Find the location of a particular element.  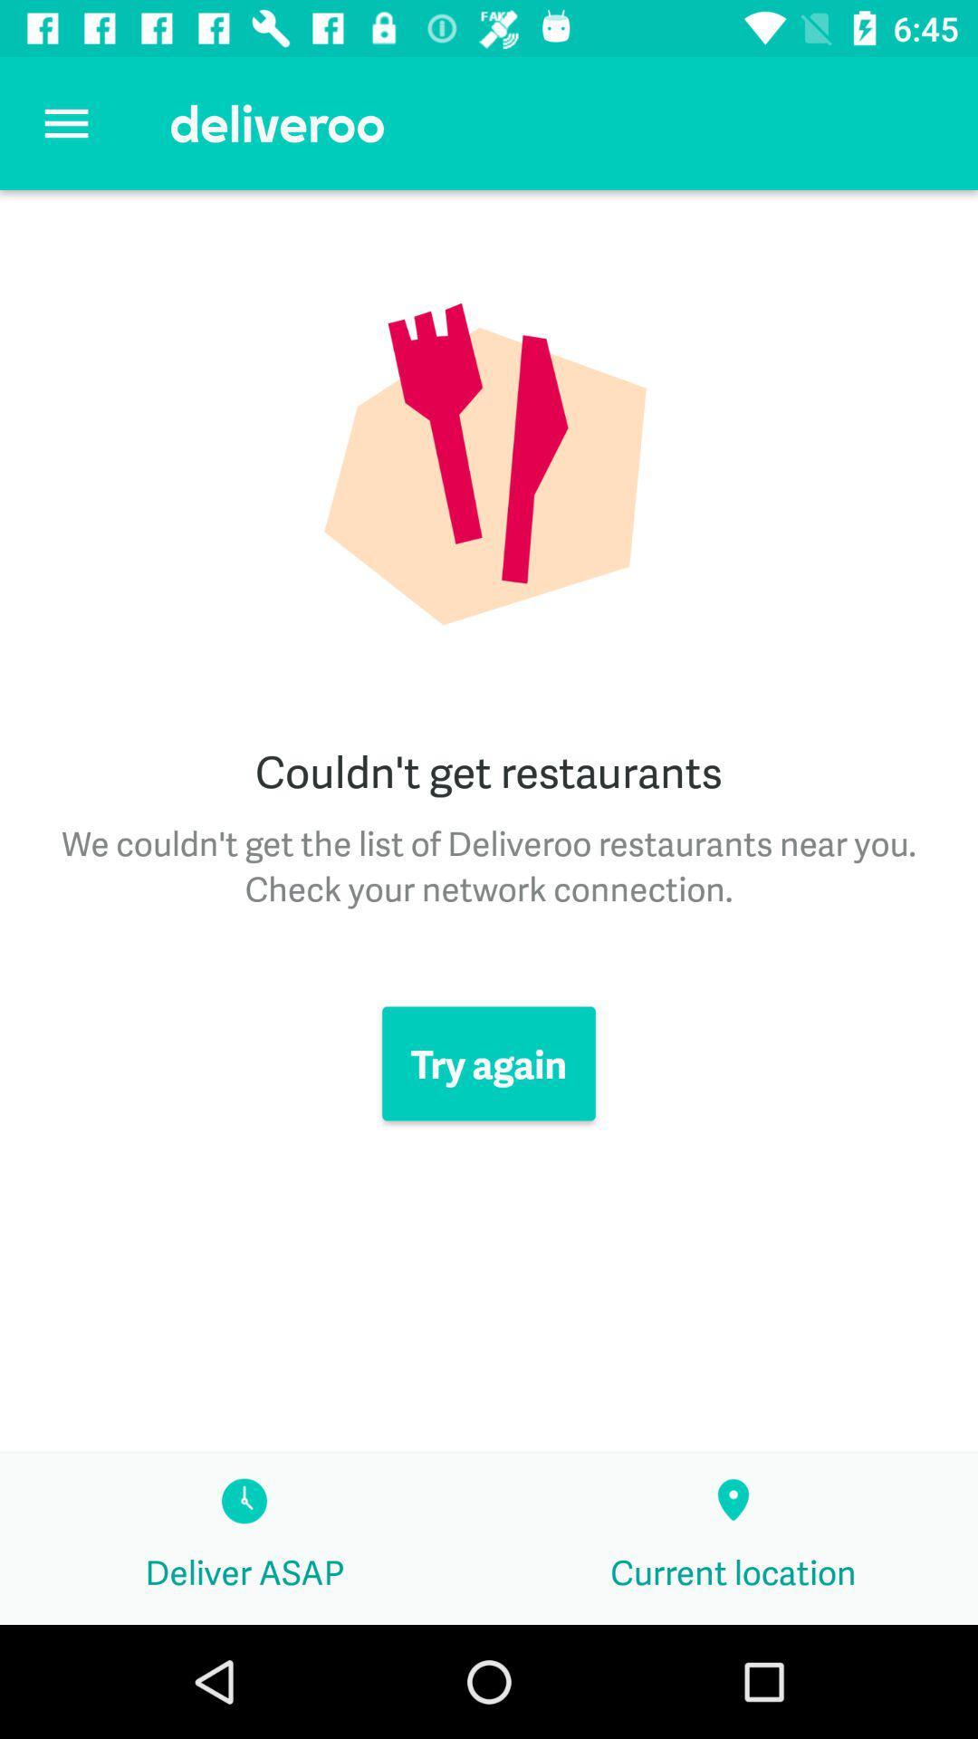

icon next to current location item is located at coordinates (244, 1538).